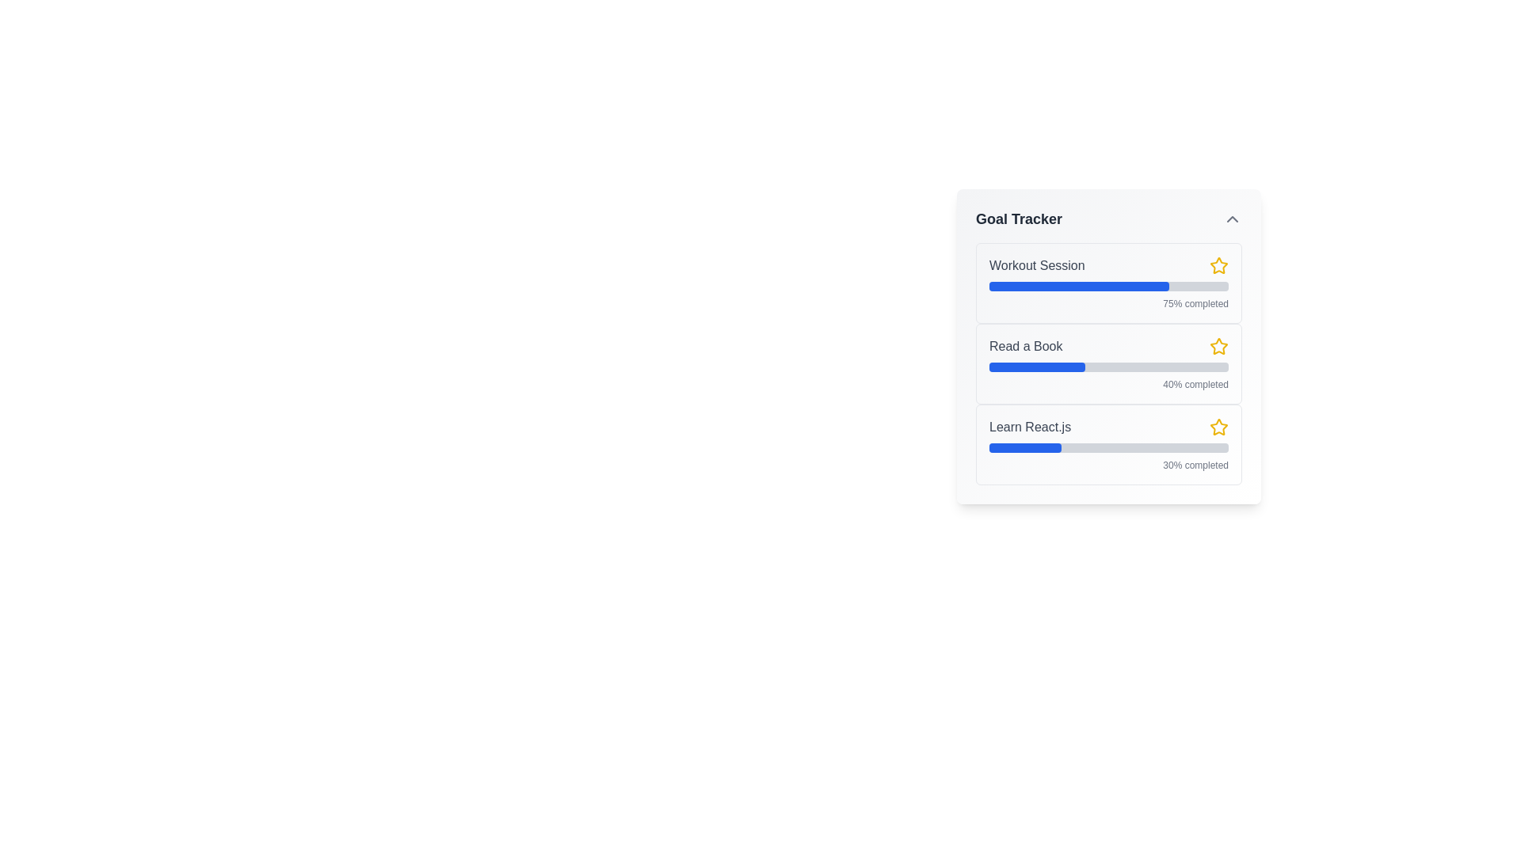  Describe the element at coordinates (1037, 367) in the screenshot. I see `the Progress Indicator for the task 'Read a Book,' which shows 40% completion and is located in the middle section of the Goal Tracker widget` at that location.